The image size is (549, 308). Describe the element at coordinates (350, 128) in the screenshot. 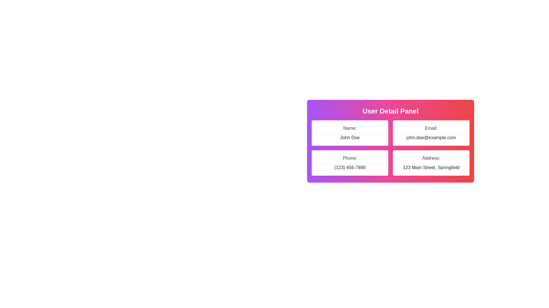

I see `the name label located at the top-left corner of the user details card` at that location.